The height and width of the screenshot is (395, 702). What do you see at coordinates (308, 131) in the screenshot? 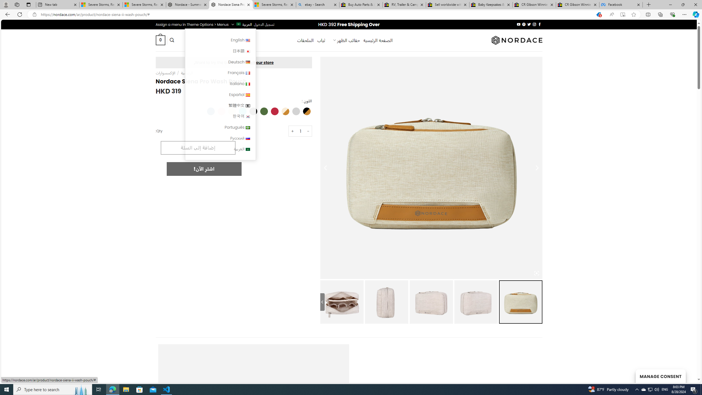
I see `'-'` at bounding box center [308, 131].